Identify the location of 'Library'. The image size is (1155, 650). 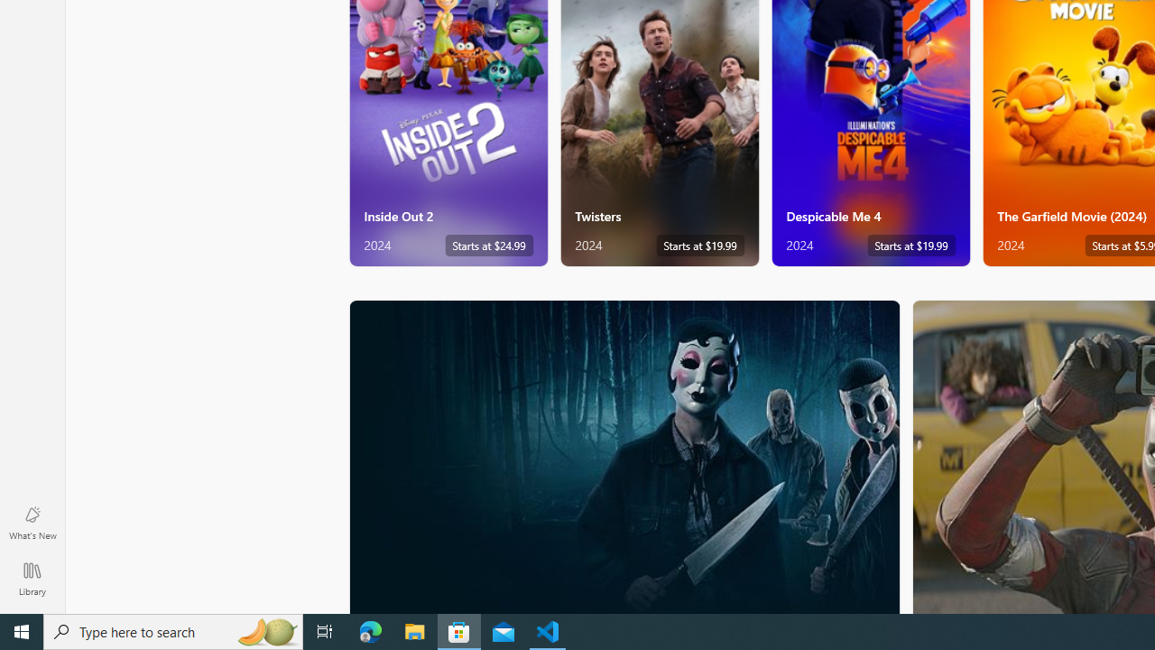
(32, 578).